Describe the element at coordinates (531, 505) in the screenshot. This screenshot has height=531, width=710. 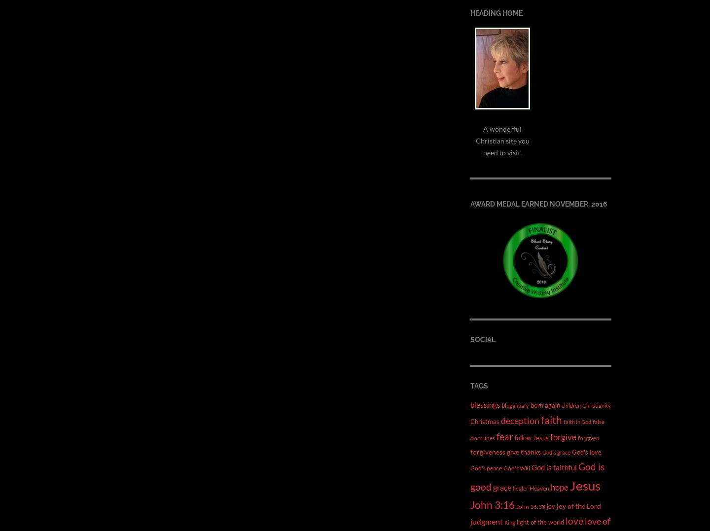
I see `'John 16:33'` at that location.